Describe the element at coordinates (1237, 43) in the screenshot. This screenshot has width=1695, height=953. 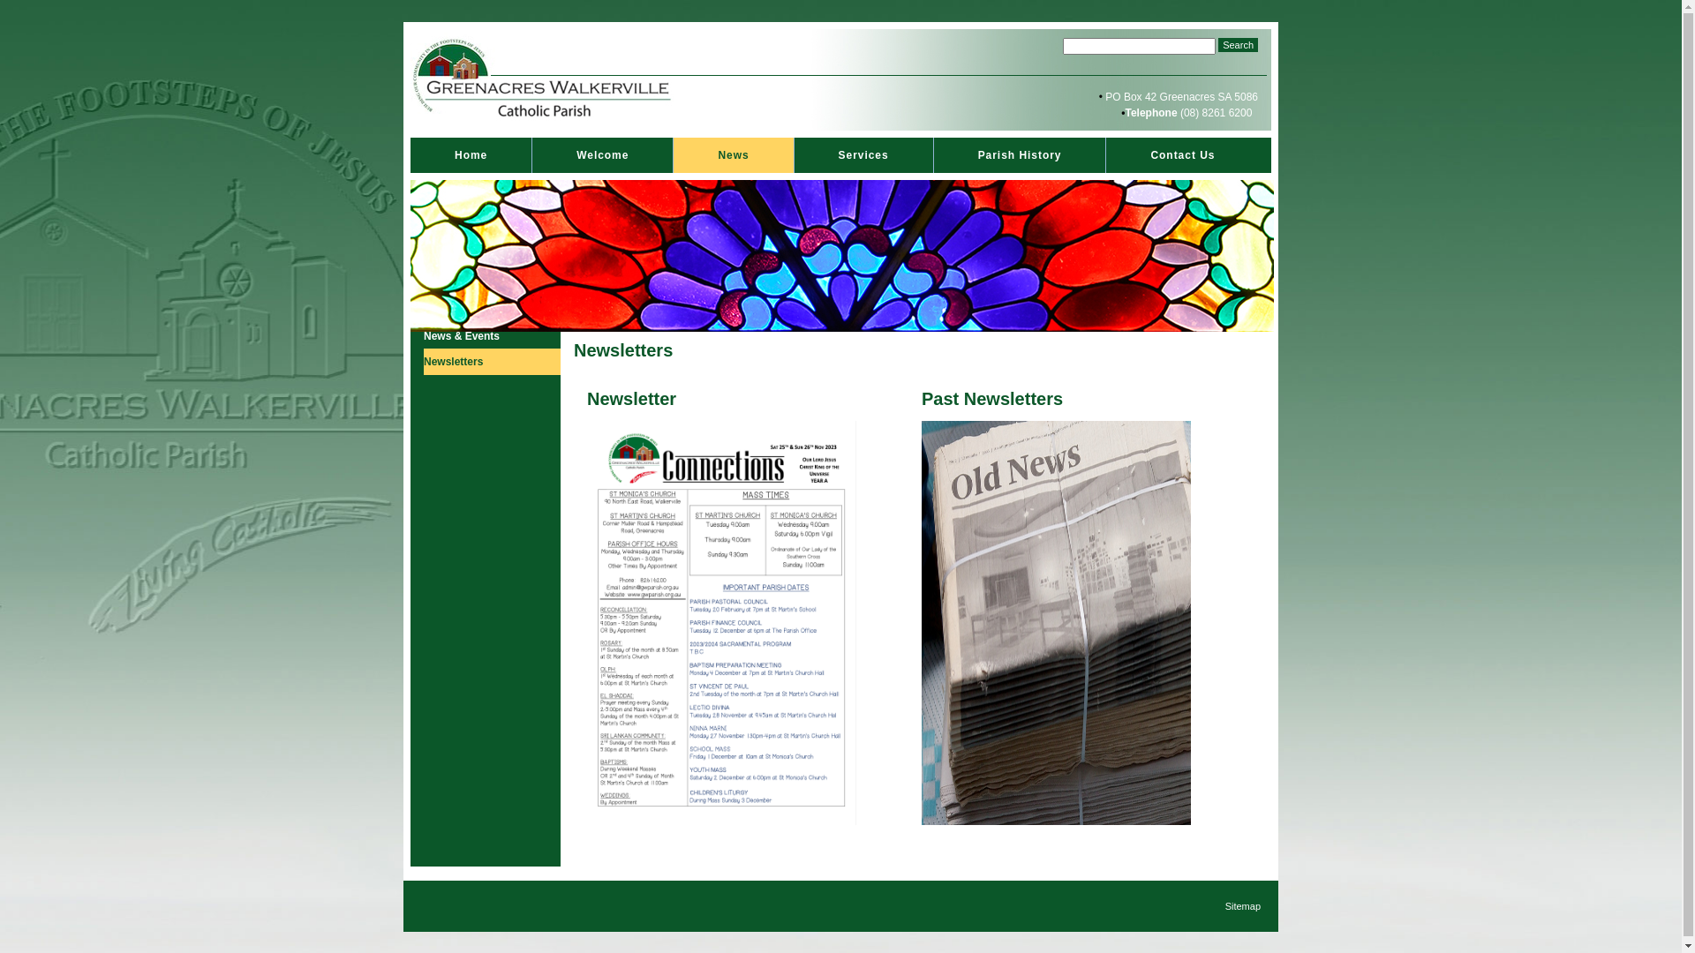
I see `'Search'` at that location.